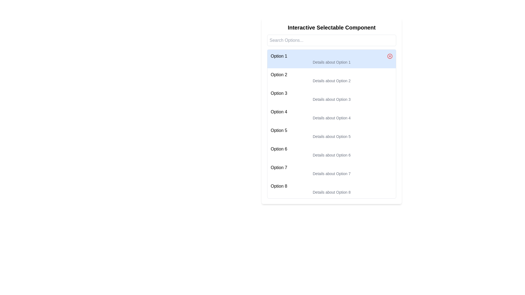 The height and width of the screenshot is (295, 525). Describe the element at coordinates (331, 81) in the screenshot. I see `the text label that provides additional context for 'Option 2', located directly below the 'Option 2' entry in the selectable list` at that location.